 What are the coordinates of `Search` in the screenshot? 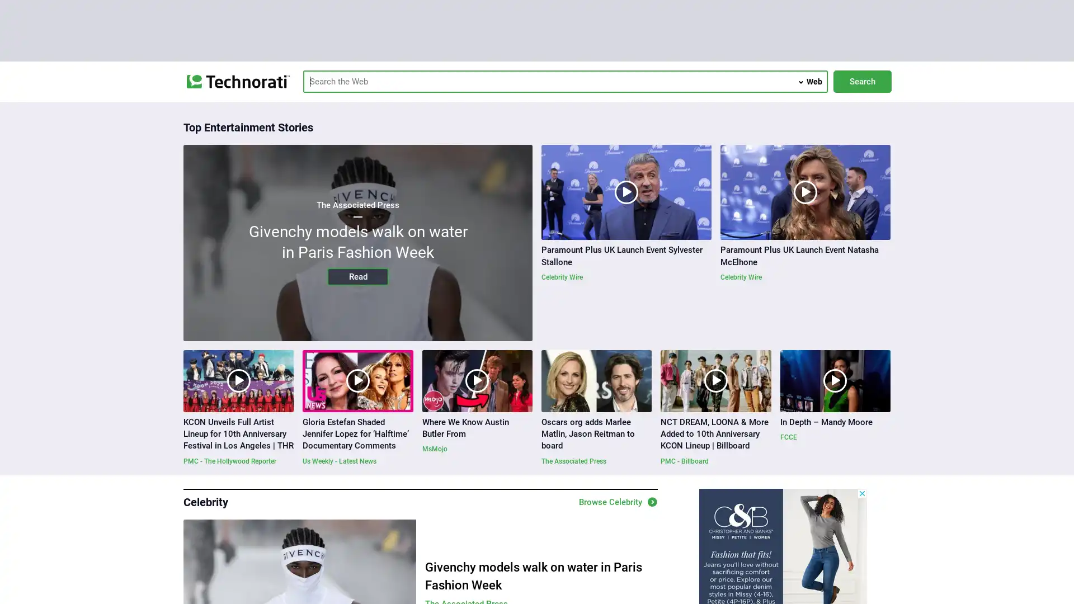 It's located at (861, 81).